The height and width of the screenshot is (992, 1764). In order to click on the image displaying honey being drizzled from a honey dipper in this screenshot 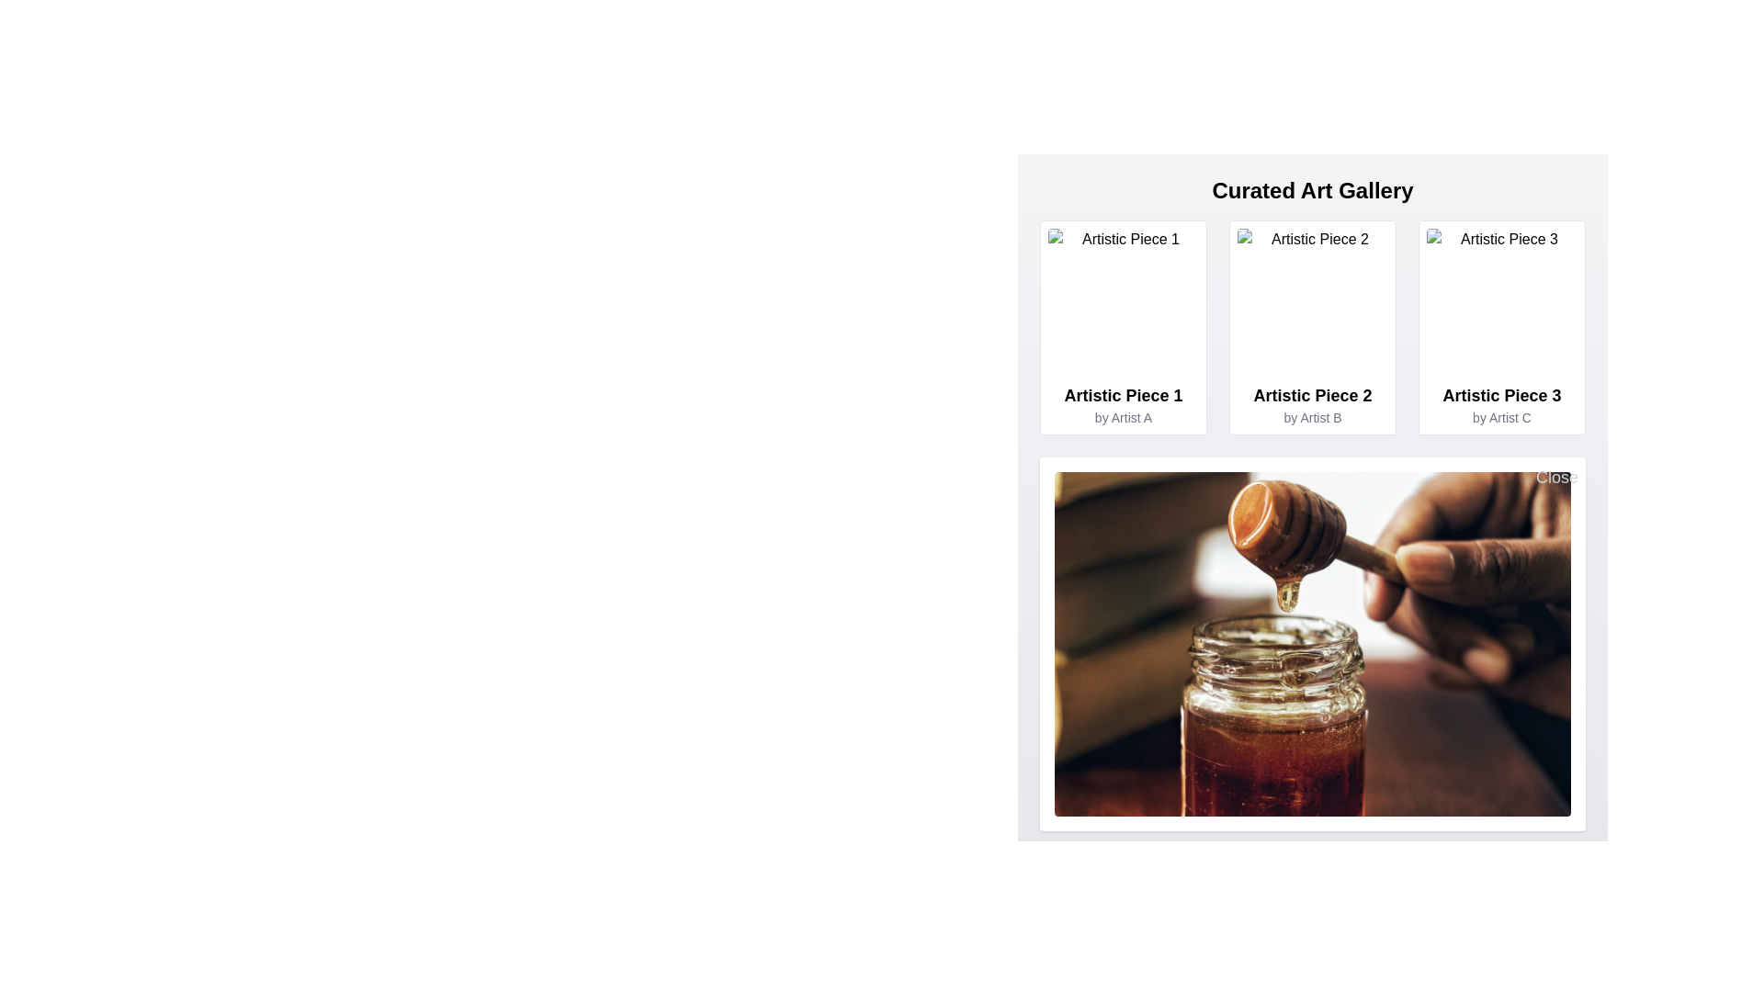, I will do `click(1312, 643)`.